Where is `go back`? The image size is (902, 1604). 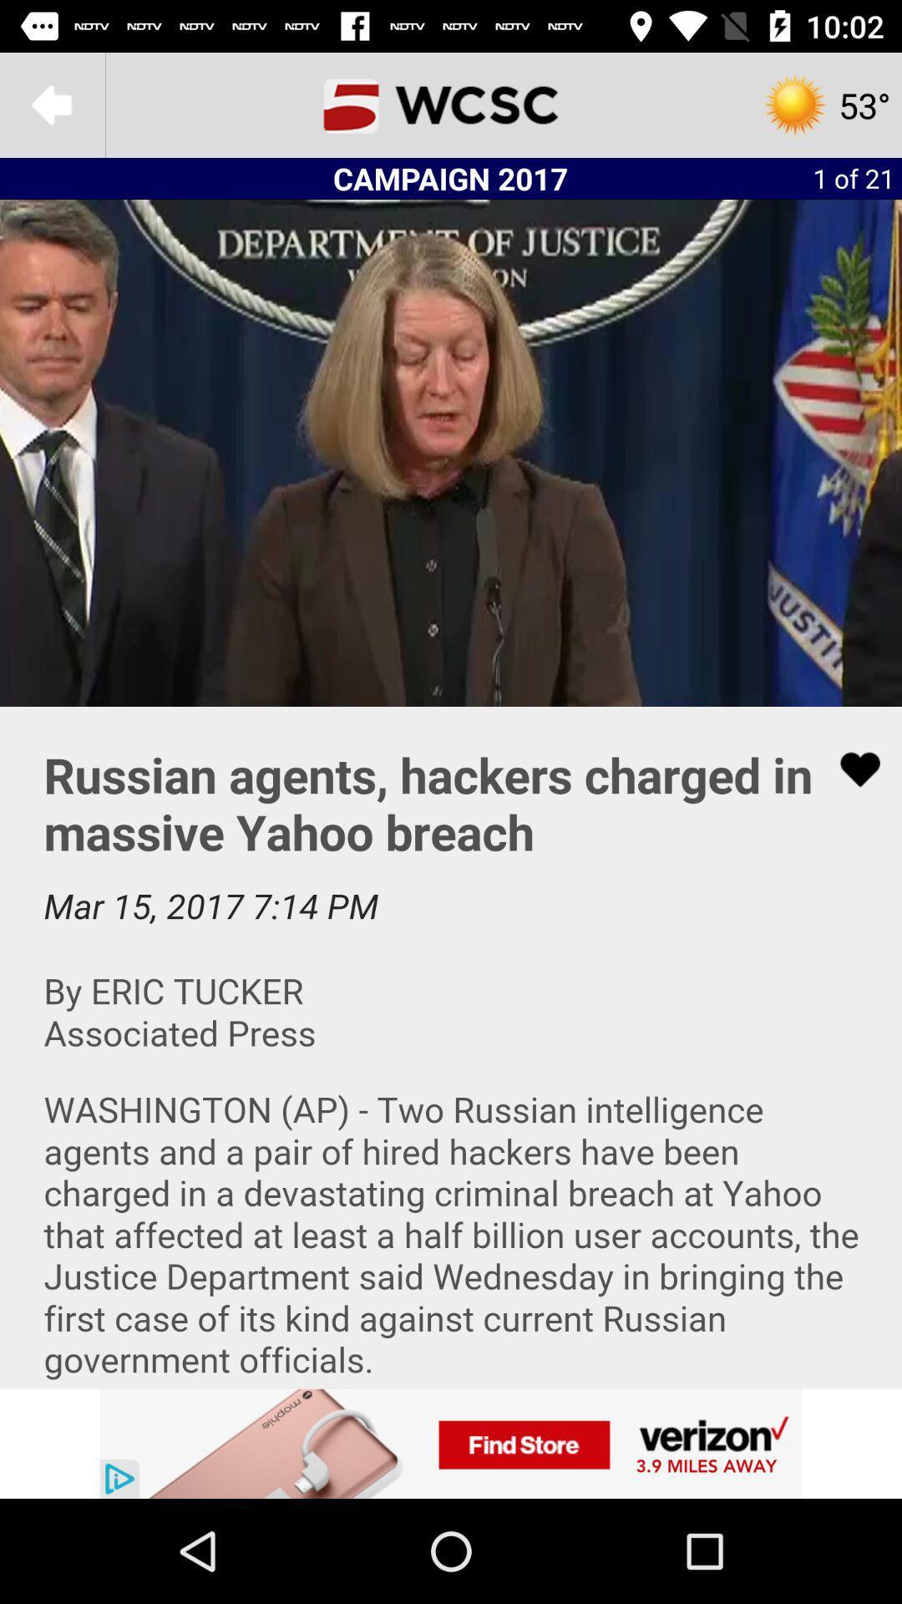
go back is located at coordinates (51, 104).